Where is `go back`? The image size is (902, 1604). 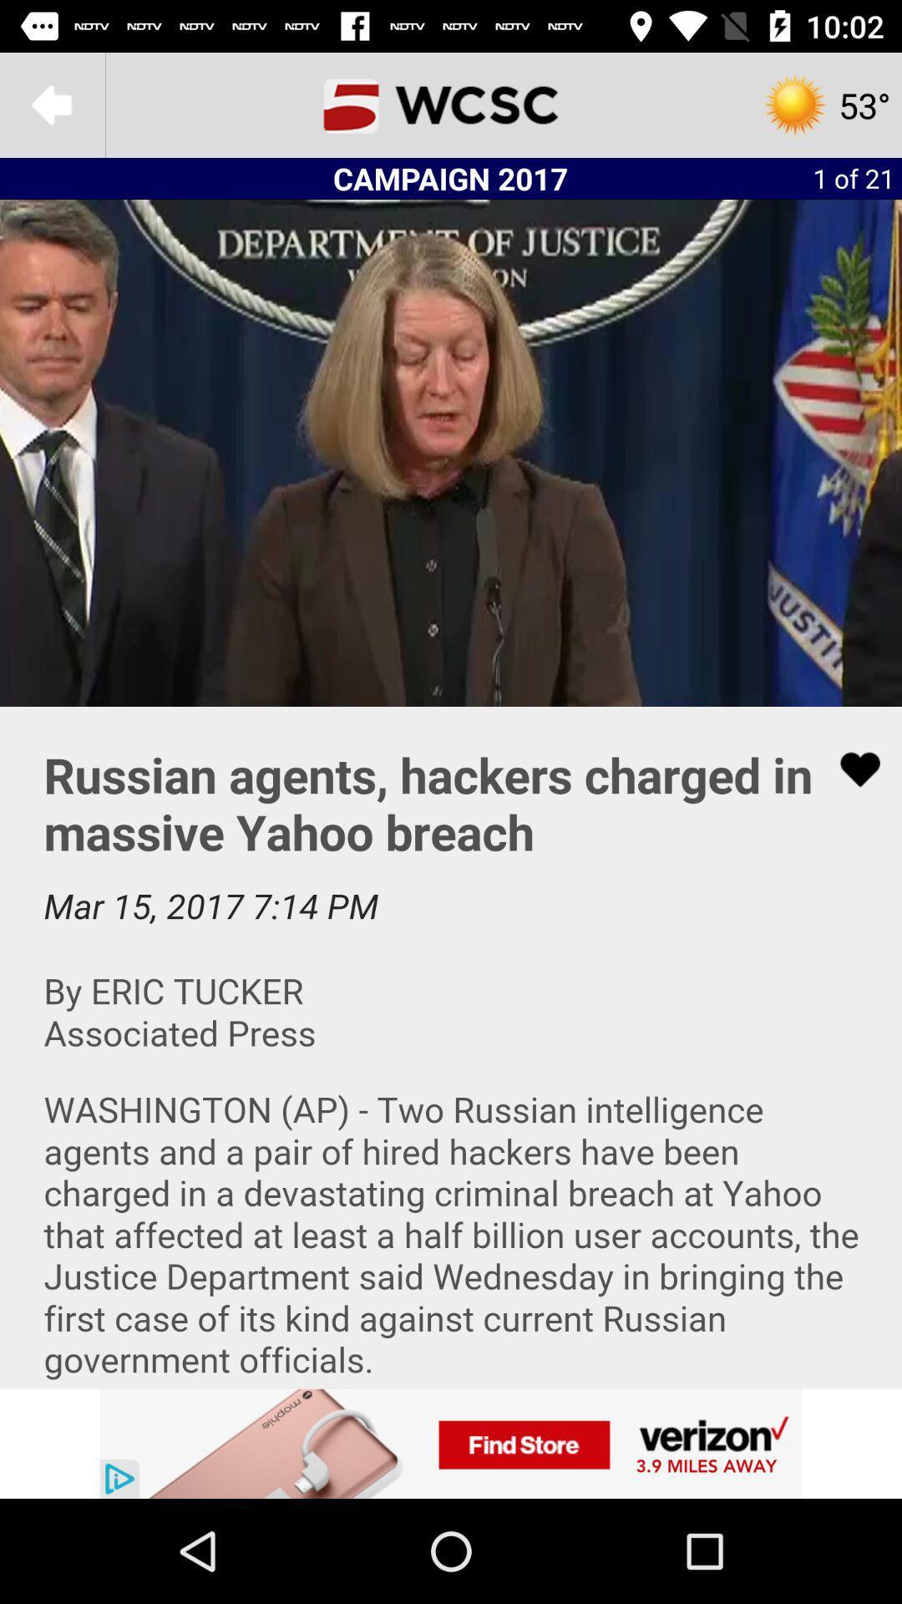
go back is located at coordinates (51, 104).